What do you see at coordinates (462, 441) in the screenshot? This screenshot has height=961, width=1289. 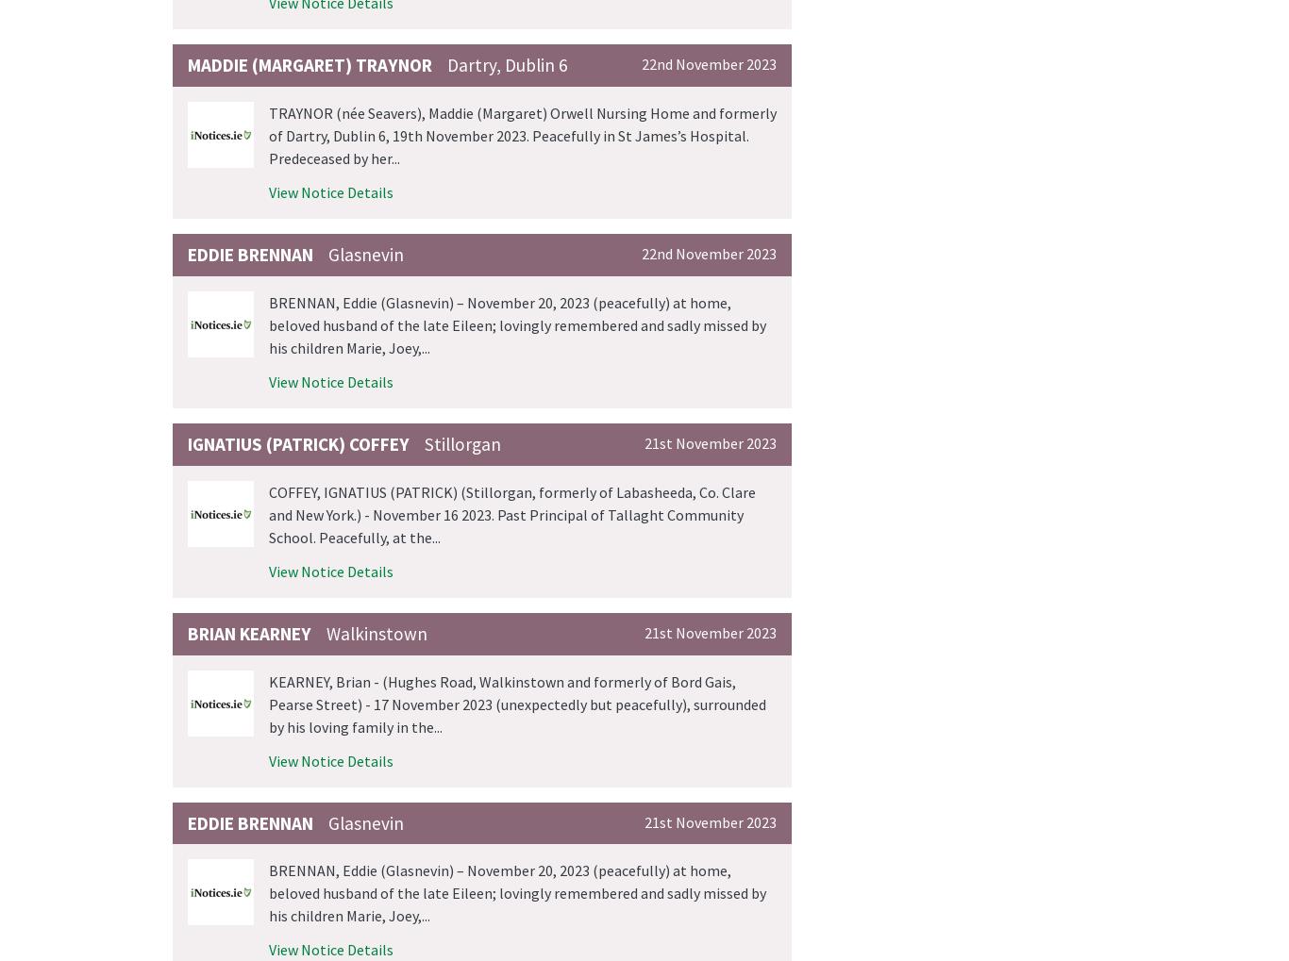 I see `'Stillorgan'` at bounding box center [462, 441].